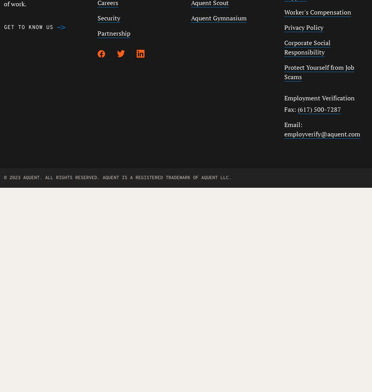 This screenshot has width=372, height=392. I want to click on 'GET TO KNOW US', so click(28, 27).